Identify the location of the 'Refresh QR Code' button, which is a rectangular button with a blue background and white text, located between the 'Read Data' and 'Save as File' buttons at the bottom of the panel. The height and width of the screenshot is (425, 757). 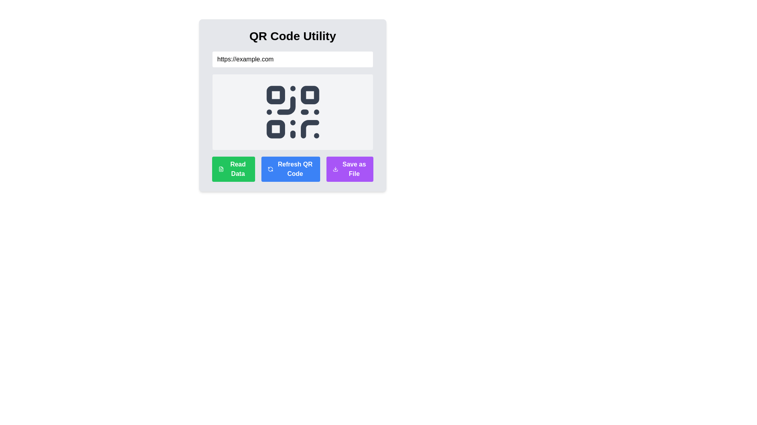
(290, 168).